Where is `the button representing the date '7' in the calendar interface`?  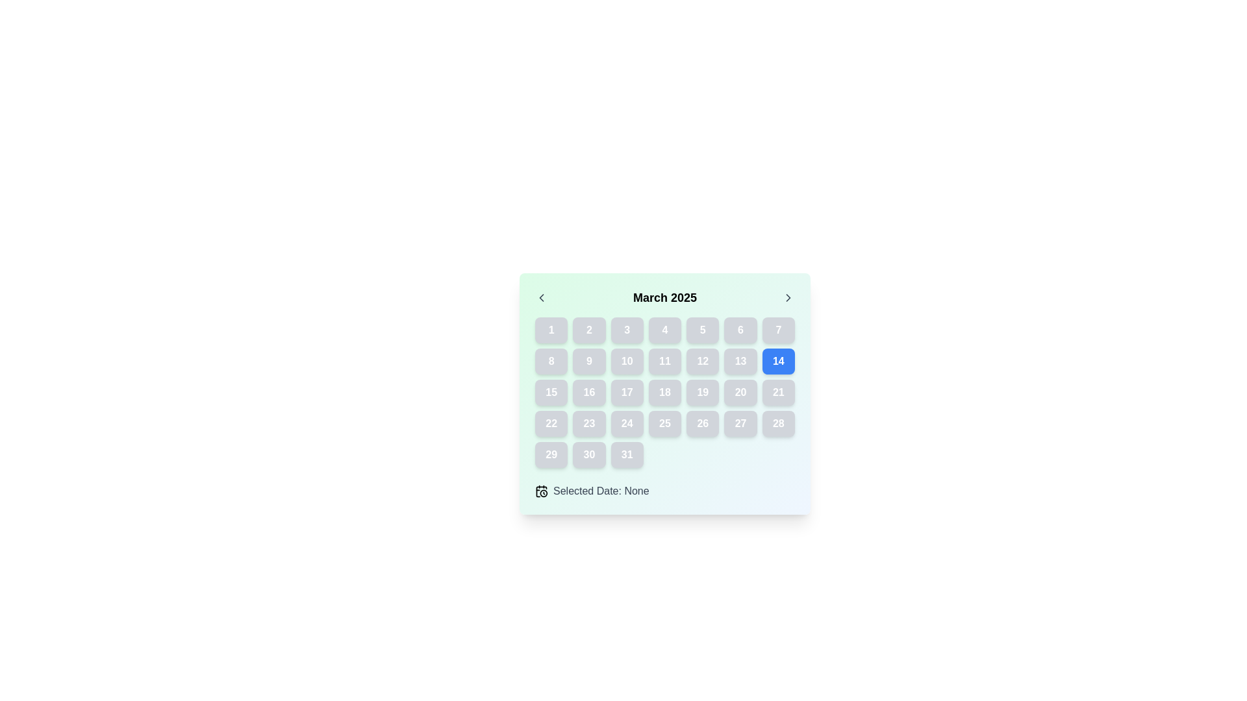 the button representing the date '7' in the calendar interface is located at coordinates (778, 330).